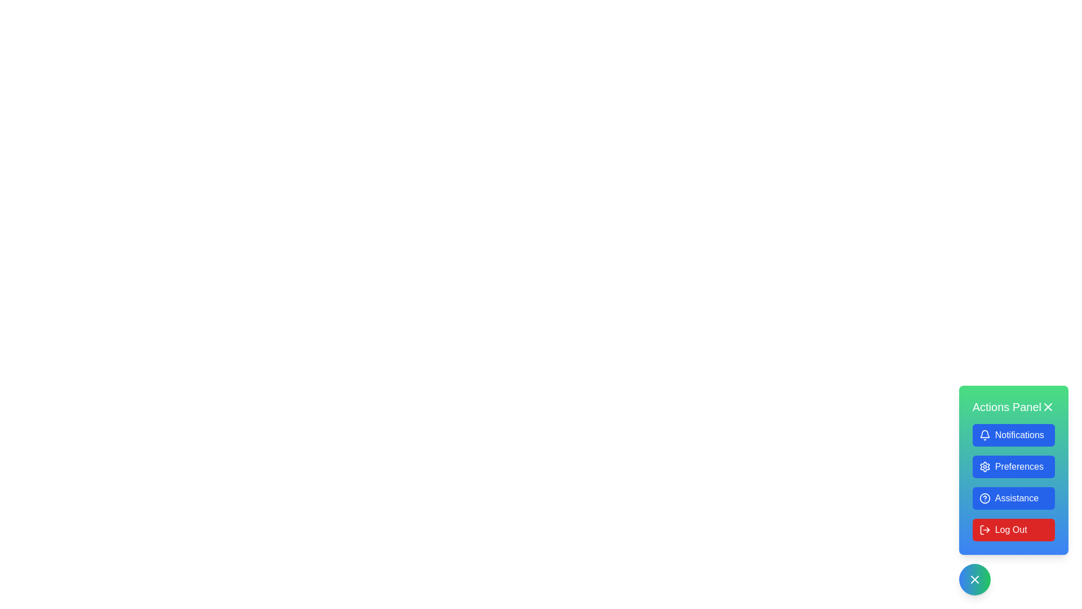 Image resolution: width=1082 pixels, height=609 pixels. What do you see at coordinates (1013, 467) in the screenshot?
I see `the blue 'Preferences' button with a settings gear icon` at bounding box center [1013, 467].